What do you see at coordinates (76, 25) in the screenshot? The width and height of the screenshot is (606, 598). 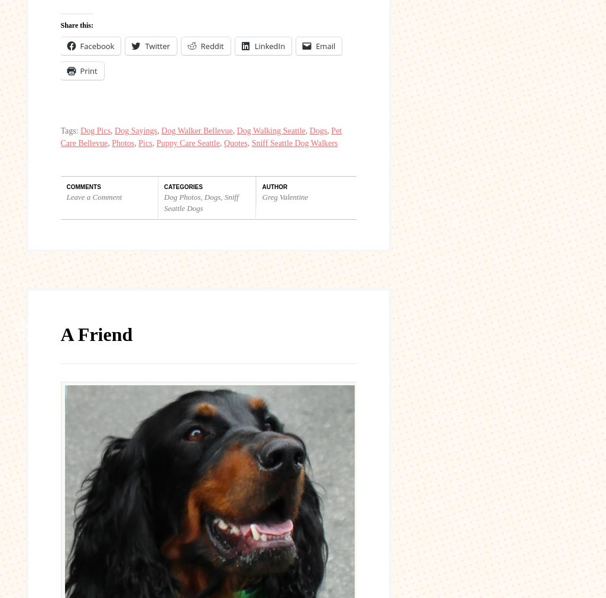 I see `'Share this:'` at bounding box center [76, 25].